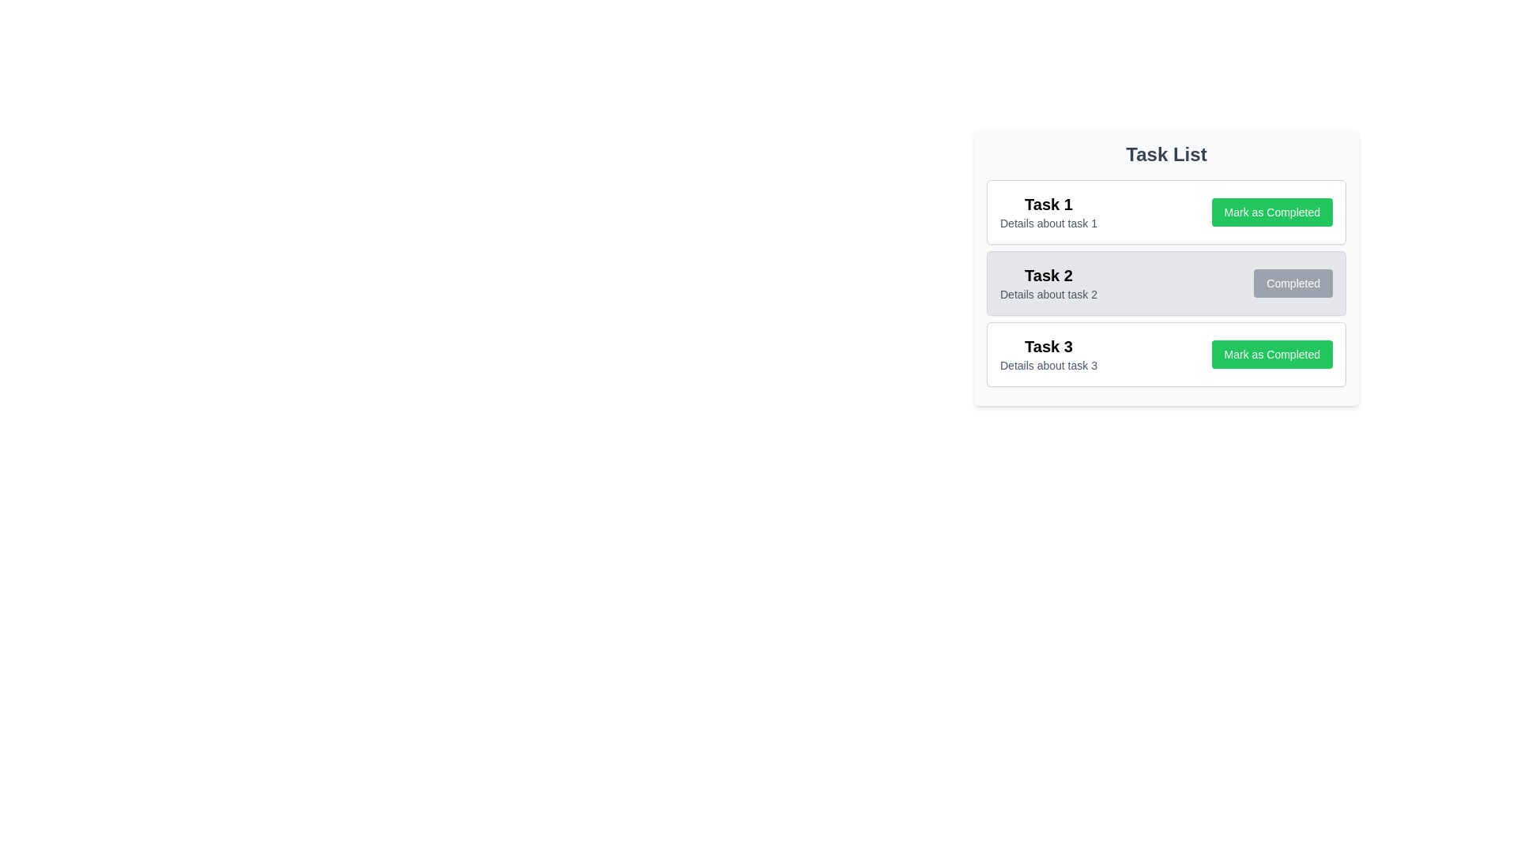  Describe the element at coordinates (1166, 267) in the screenshot. I see `the 'Completed' button on the Task panel displaying details for 'Task 2', which is the second item in the vertical task list section` at that location.